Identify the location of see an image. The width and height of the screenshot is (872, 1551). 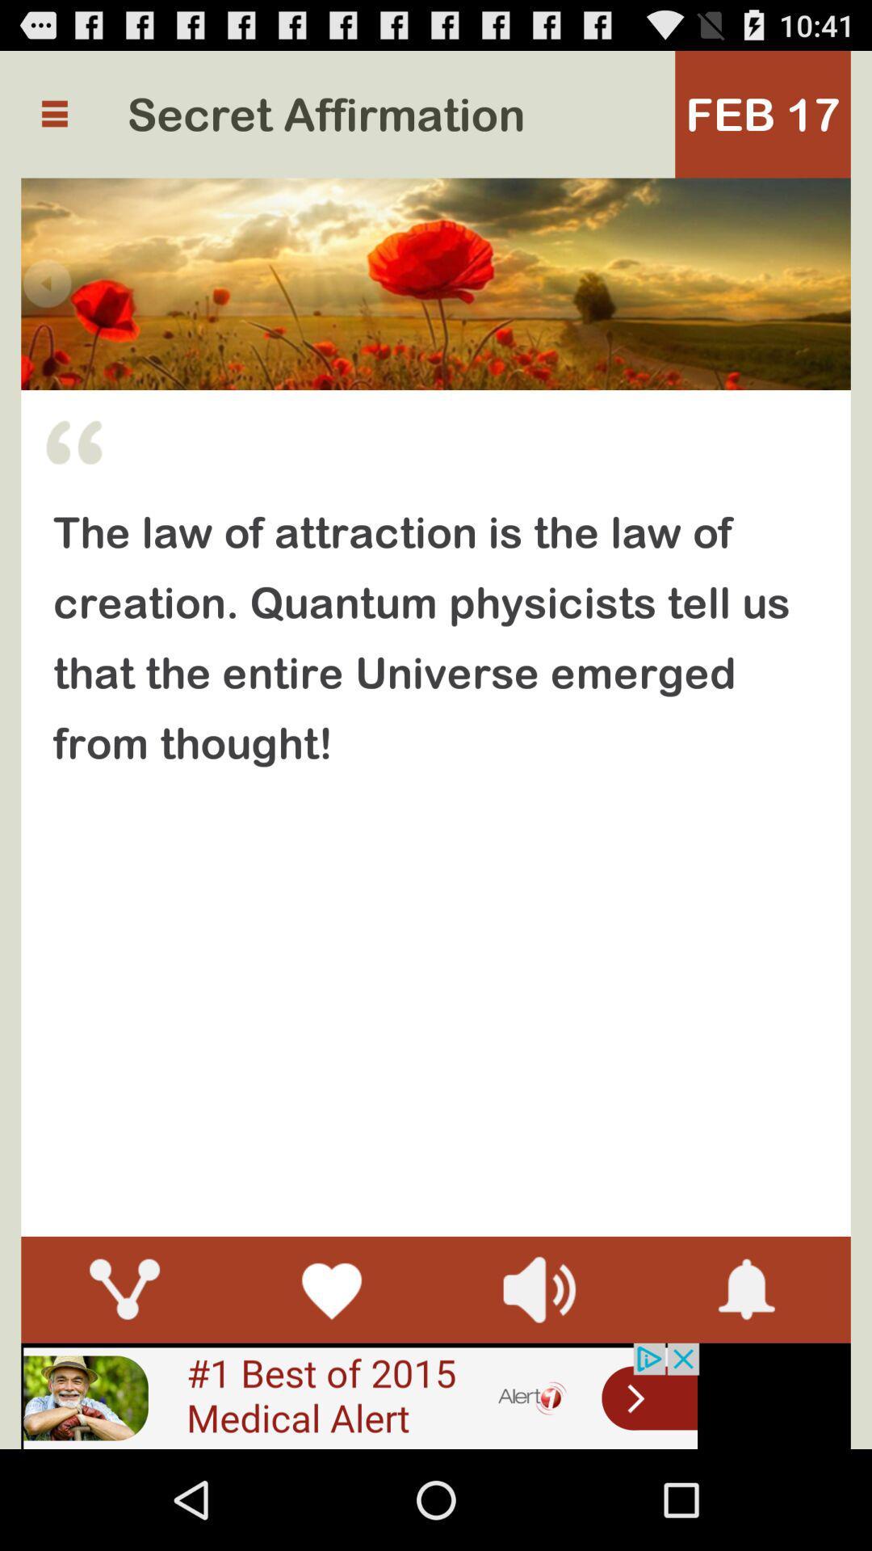
(359, 1395).